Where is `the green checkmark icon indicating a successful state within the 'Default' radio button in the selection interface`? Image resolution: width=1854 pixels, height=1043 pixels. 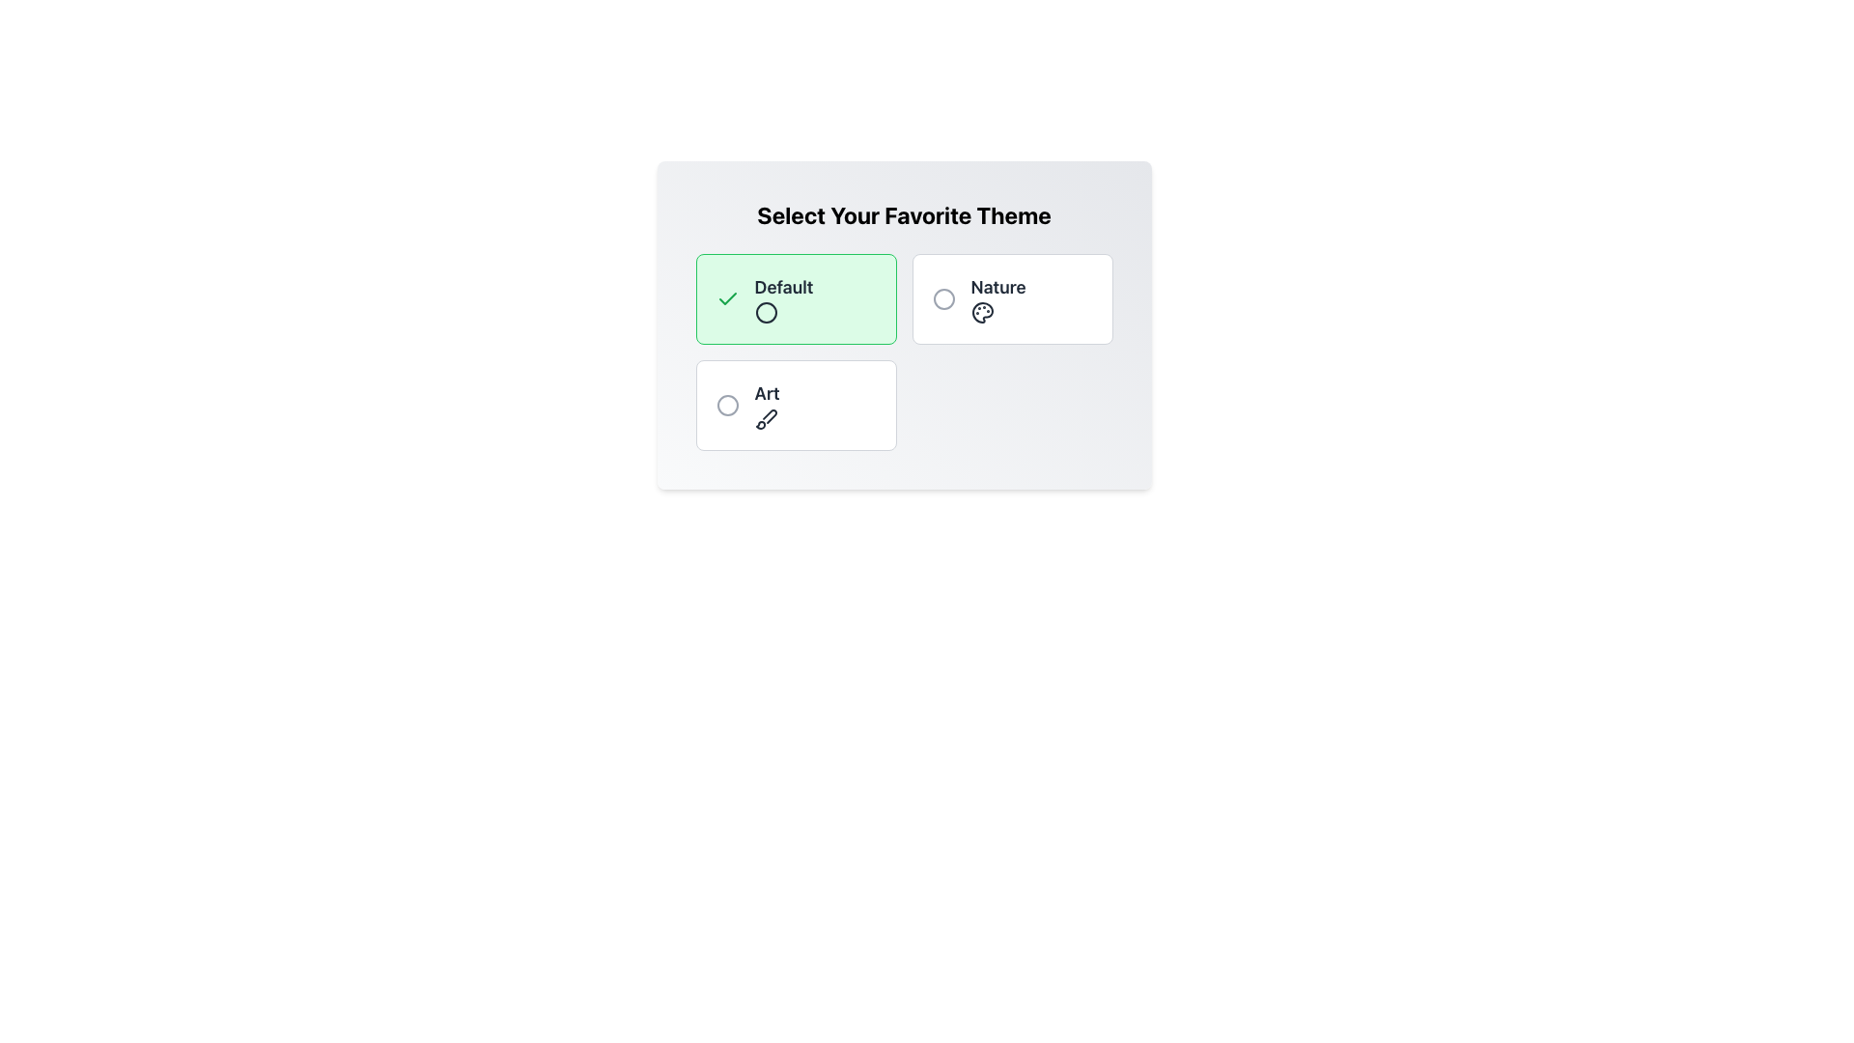
the green checkmark icon indicating a successful state within the 'Default' radio button in the selection interface is located at coordinates (726, 298).